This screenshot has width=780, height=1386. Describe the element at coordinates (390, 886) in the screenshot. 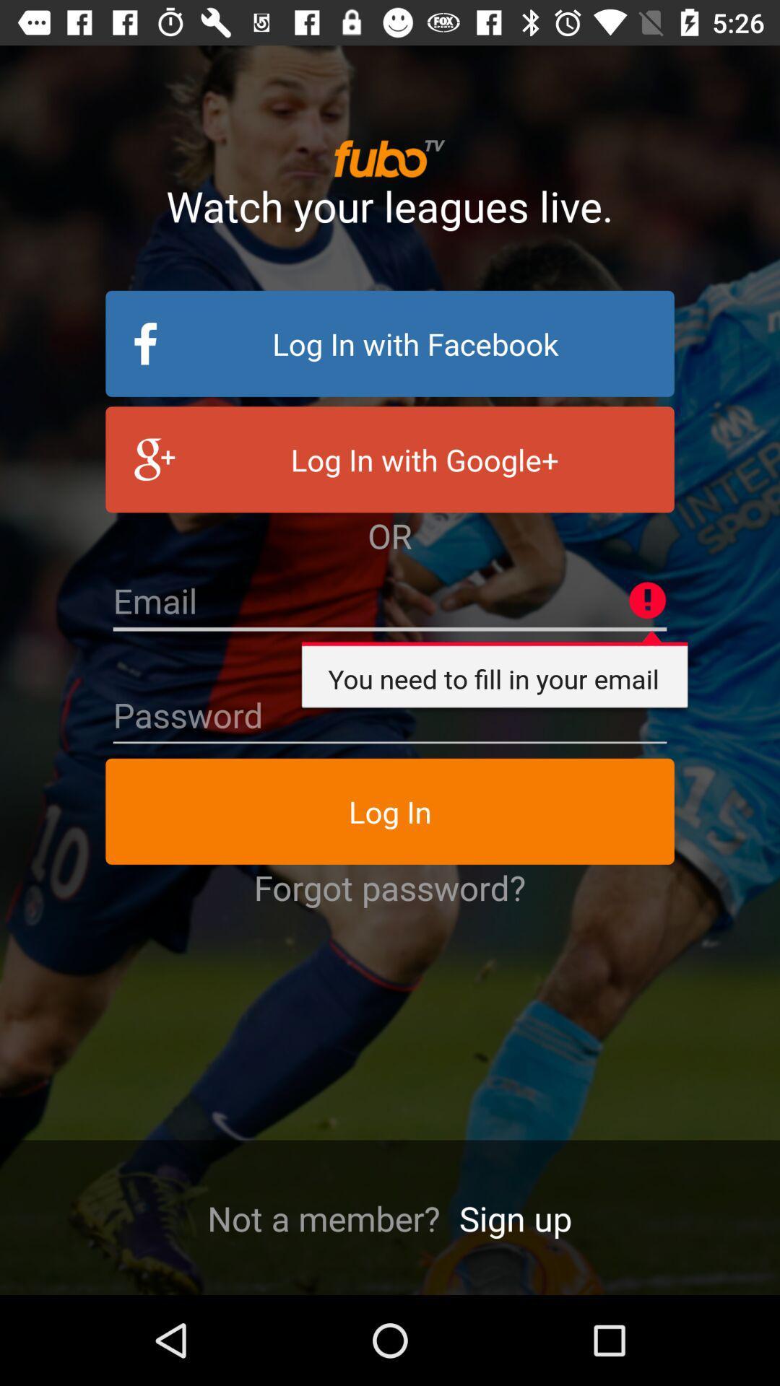

I see `the icon below log in` at that location.